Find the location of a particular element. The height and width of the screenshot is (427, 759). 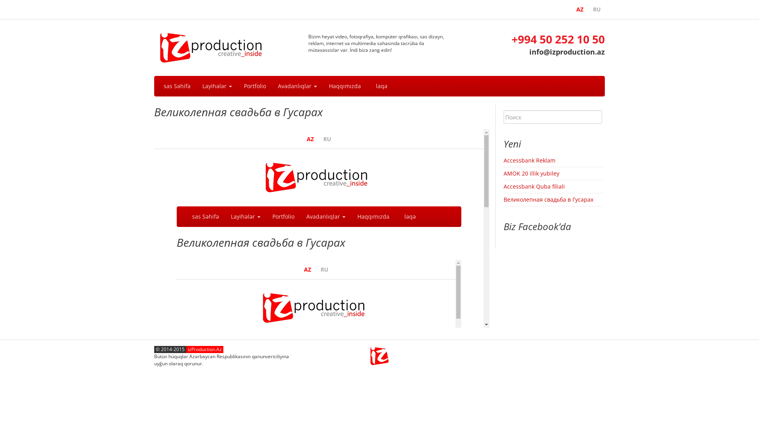

'Accessbank Reklam' is located at coordinates (529, 160).